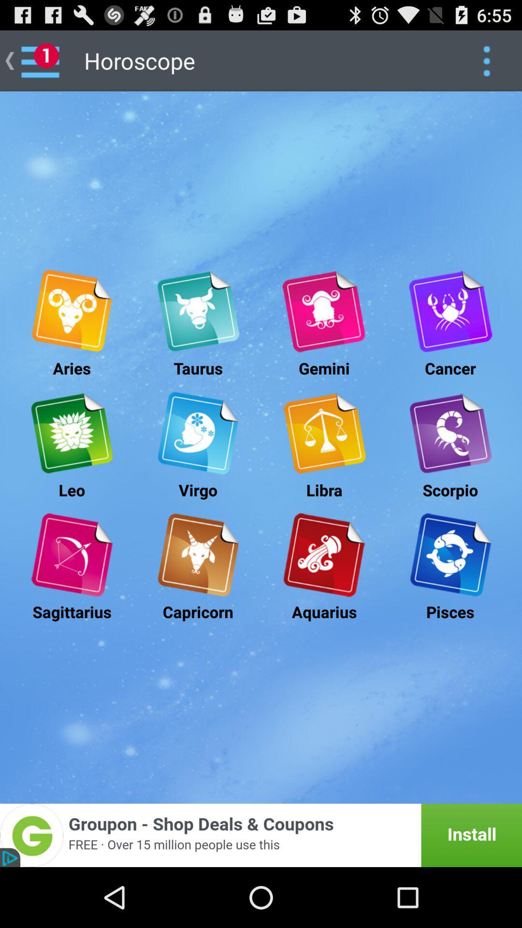 Image resolution: width=522 pixels, height=928 pixels. What do you see at coordinates (71, 311) in the screenshot?
I see `open aries horoscope` at bounding box center [71, 311].